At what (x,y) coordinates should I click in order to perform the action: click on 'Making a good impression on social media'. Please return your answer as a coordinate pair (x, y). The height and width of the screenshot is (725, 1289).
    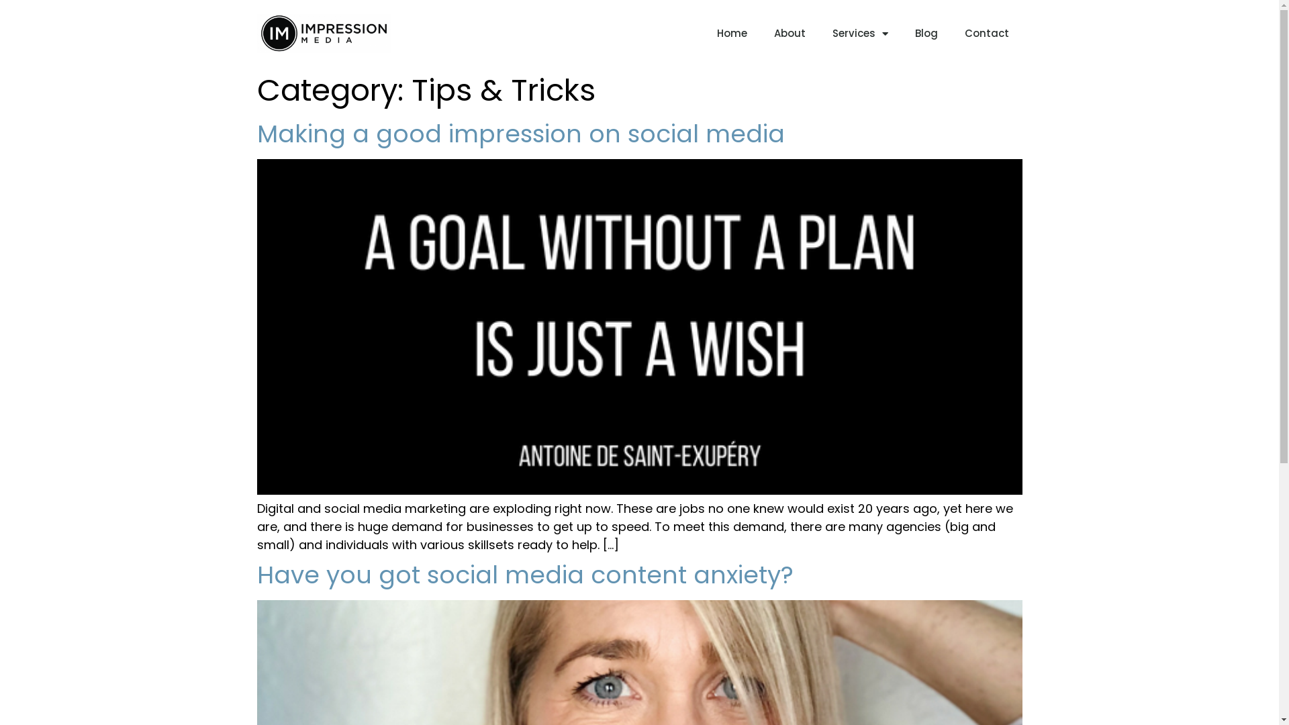
    Looking at the image, I should click on (519, 134).